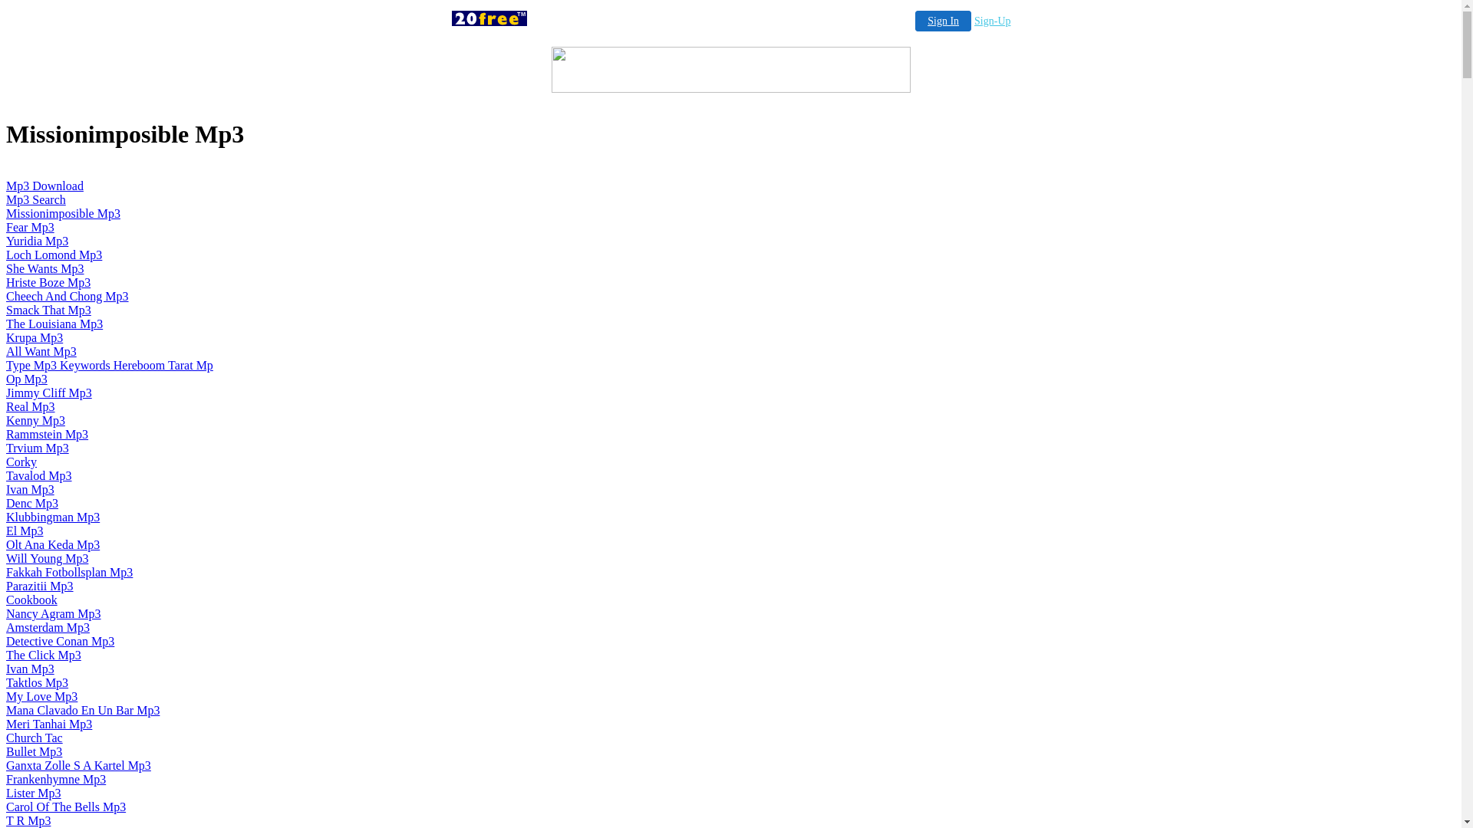 Image resolution: width=1473 pixels, height=828 pixels. Describe the element at coordinates (34, 337) in the screenshot. I see `'Krupa Mp3'` at that location.